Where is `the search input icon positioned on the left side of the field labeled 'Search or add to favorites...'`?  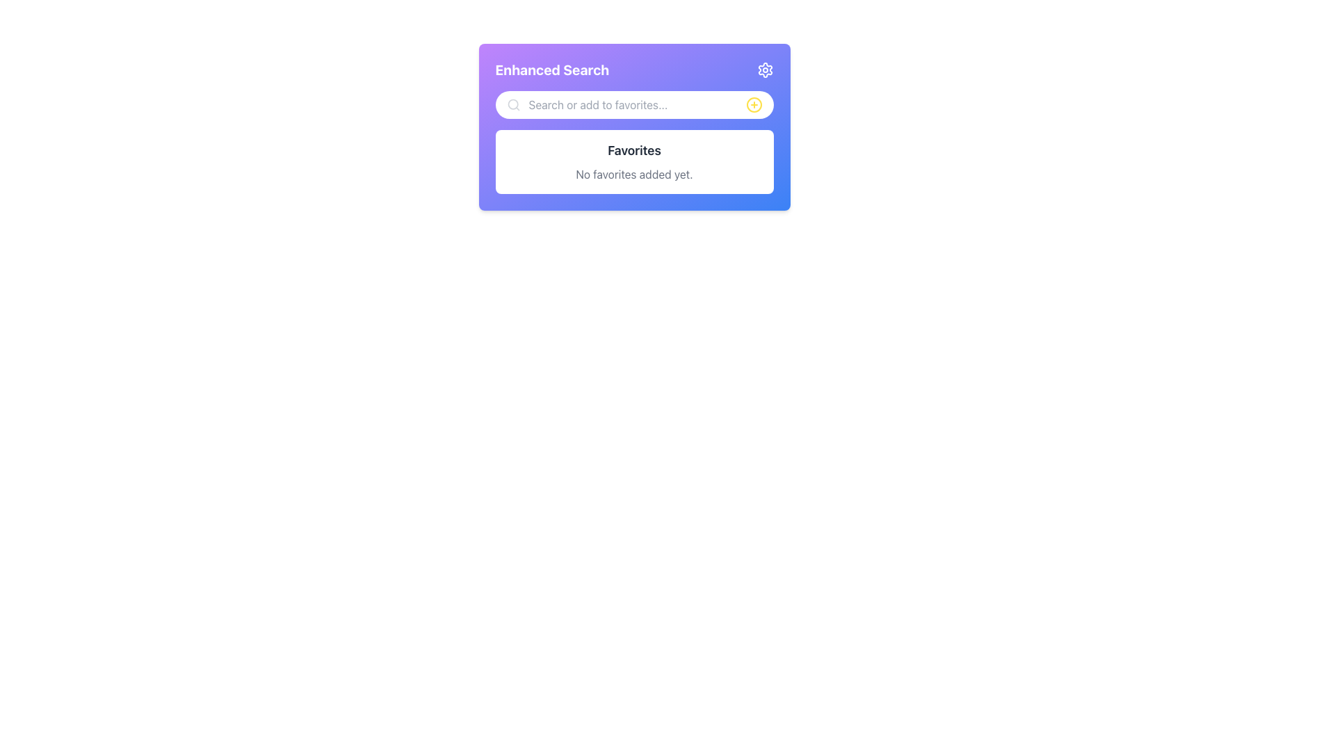
the search input icon positioned on the left side of the field labeled 'Search or add to favorites...' is located at coordinates (512, 104).